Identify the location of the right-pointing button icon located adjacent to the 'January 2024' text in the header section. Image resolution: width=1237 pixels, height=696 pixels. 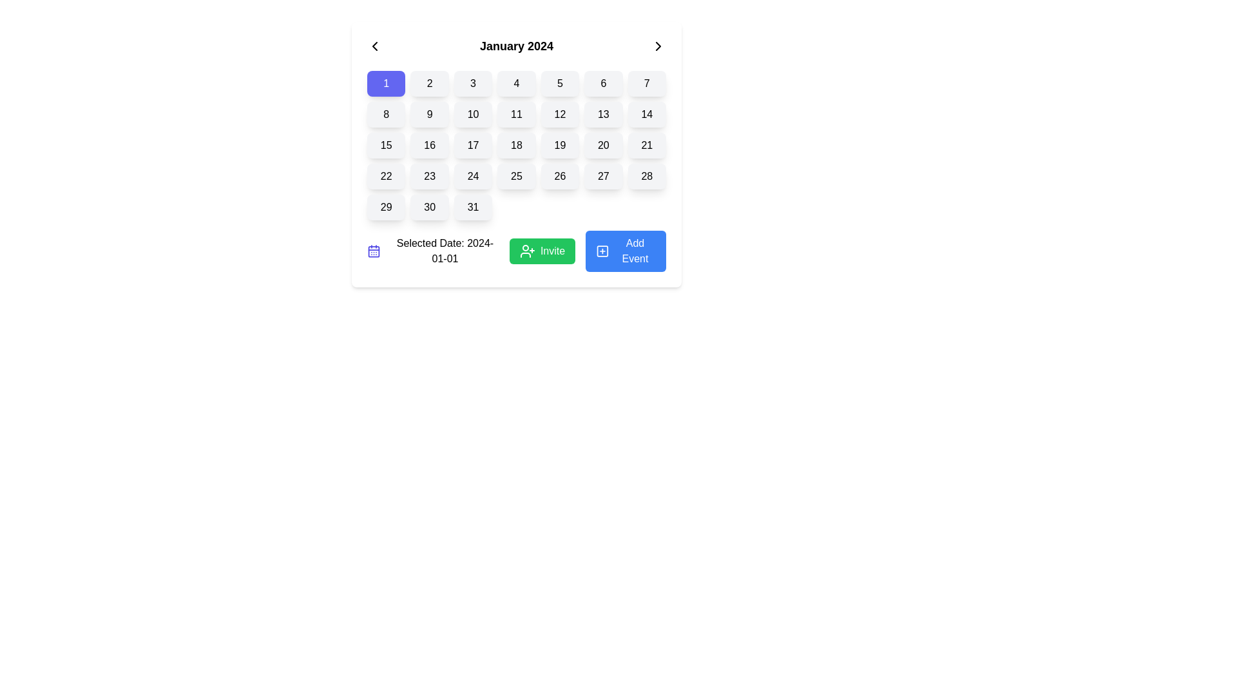
(658, 46).